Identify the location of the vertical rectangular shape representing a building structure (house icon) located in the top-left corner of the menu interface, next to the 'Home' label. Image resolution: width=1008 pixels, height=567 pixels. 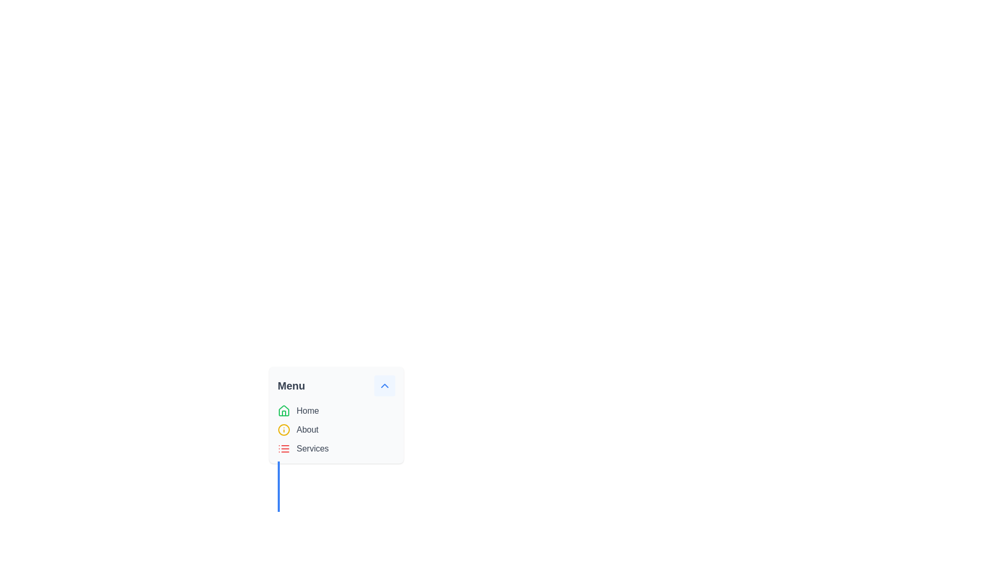
(284, 413).